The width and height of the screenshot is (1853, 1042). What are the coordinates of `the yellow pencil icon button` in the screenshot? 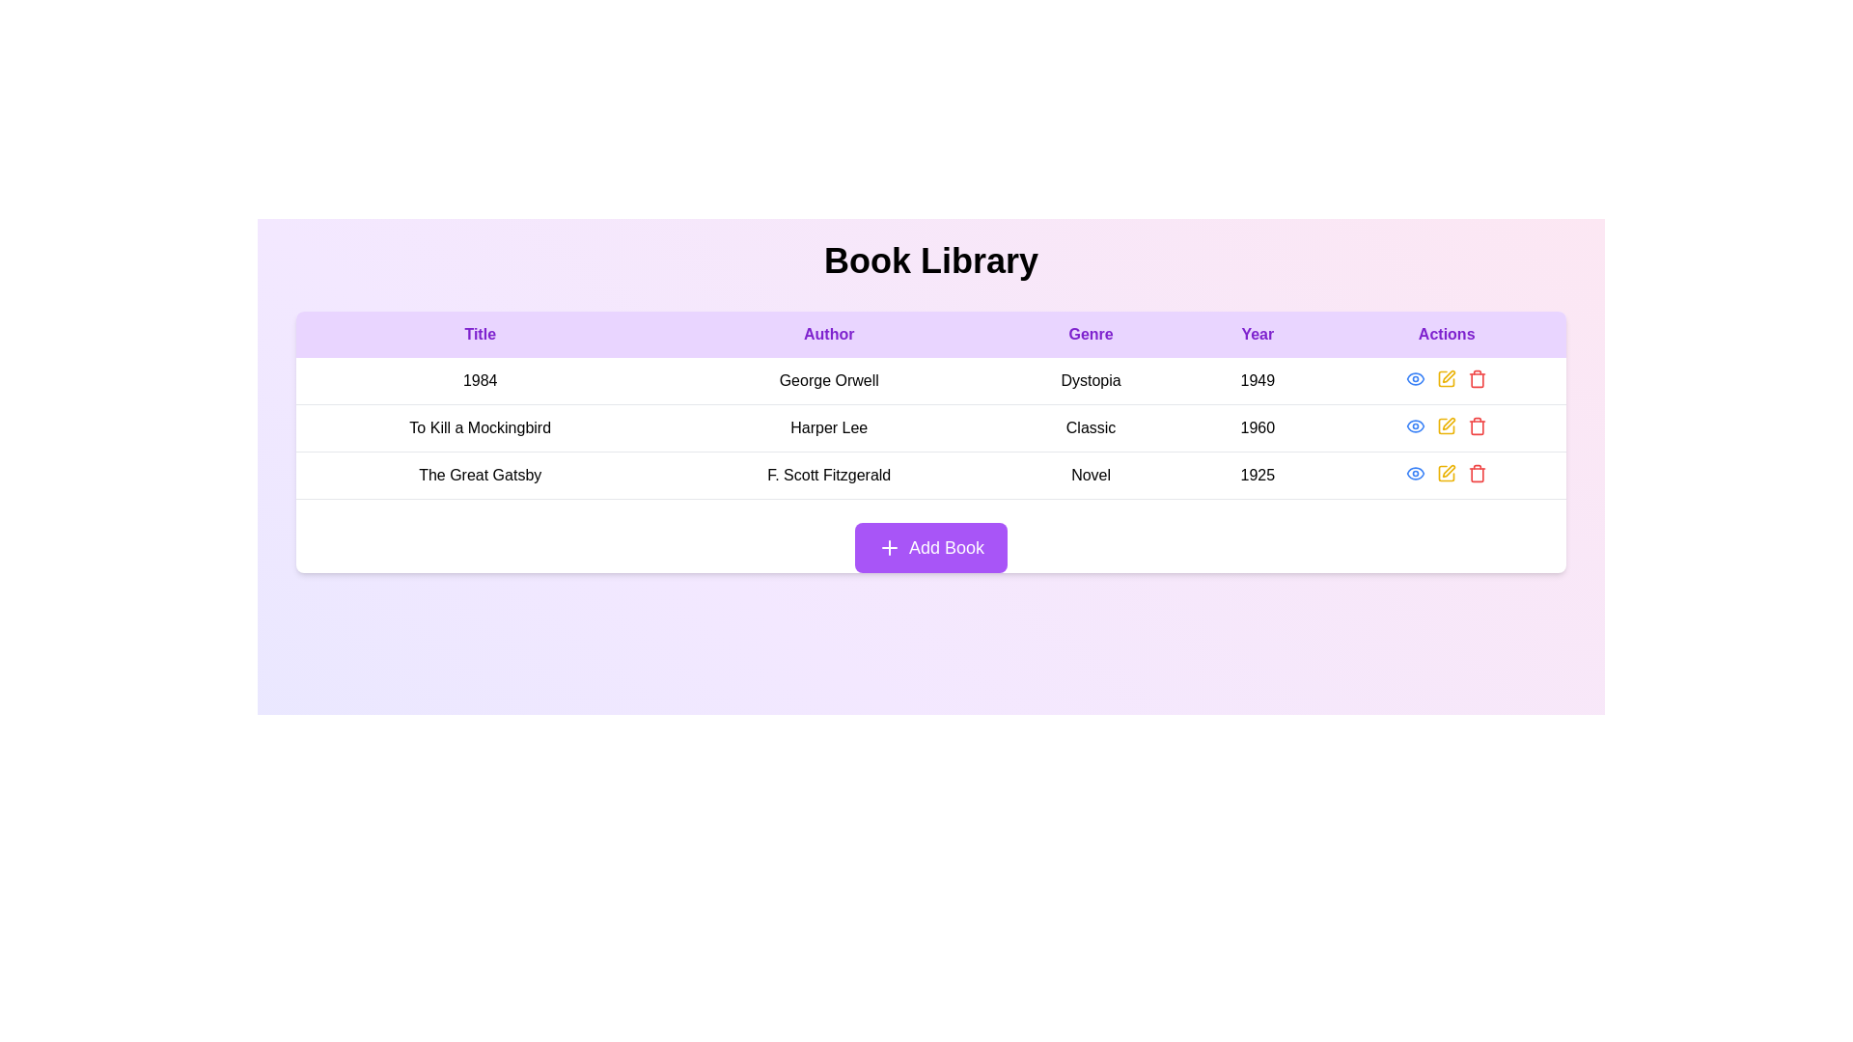 It's located at (1447, 379).